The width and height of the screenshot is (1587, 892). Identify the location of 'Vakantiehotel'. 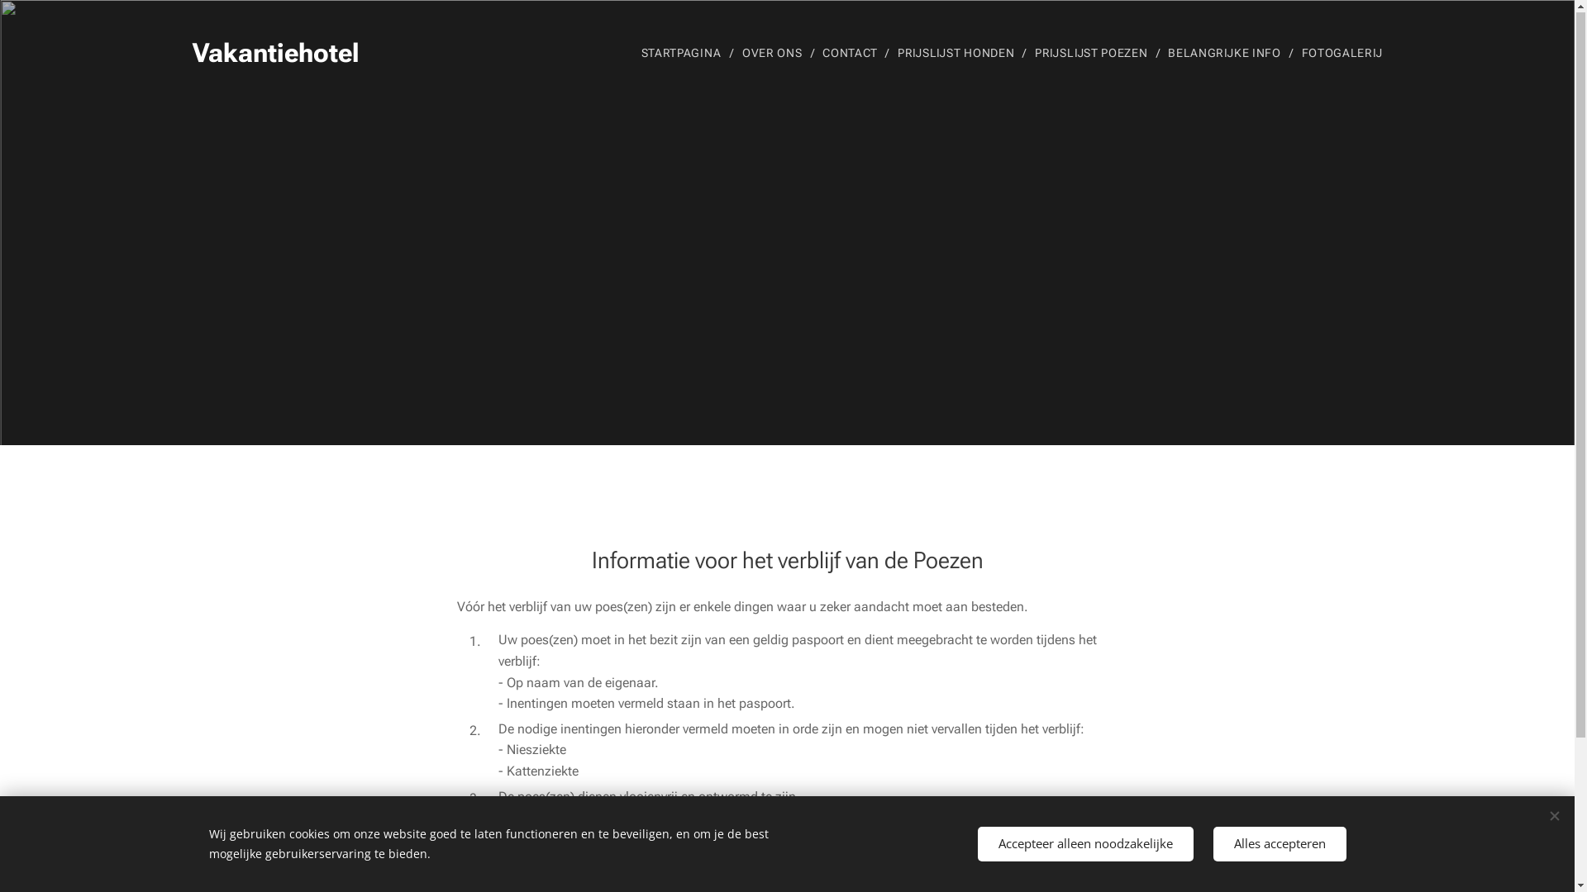
(274, 53).